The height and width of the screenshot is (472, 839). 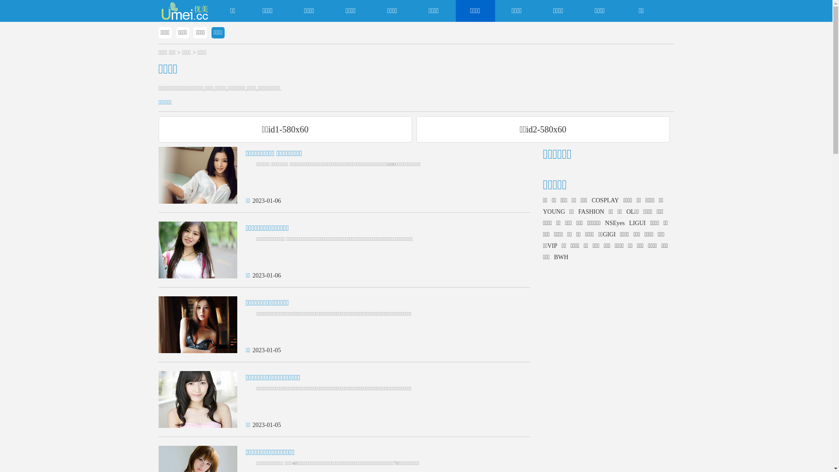 What do you see at coordinates (593, 212) in the screenshot?
I see `'FASHION'` at bounding box center [593, 212].